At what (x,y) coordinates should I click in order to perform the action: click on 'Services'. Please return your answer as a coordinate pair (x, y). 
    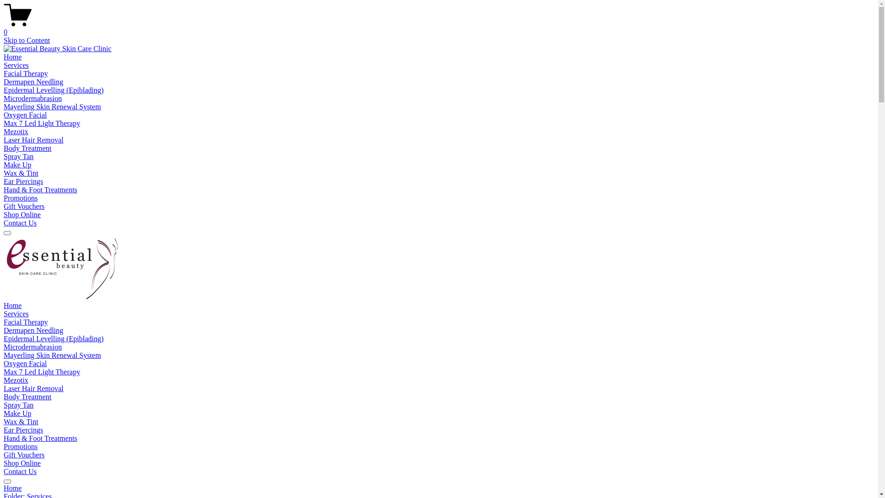
    Looking at the image, I should click on (16, 313).